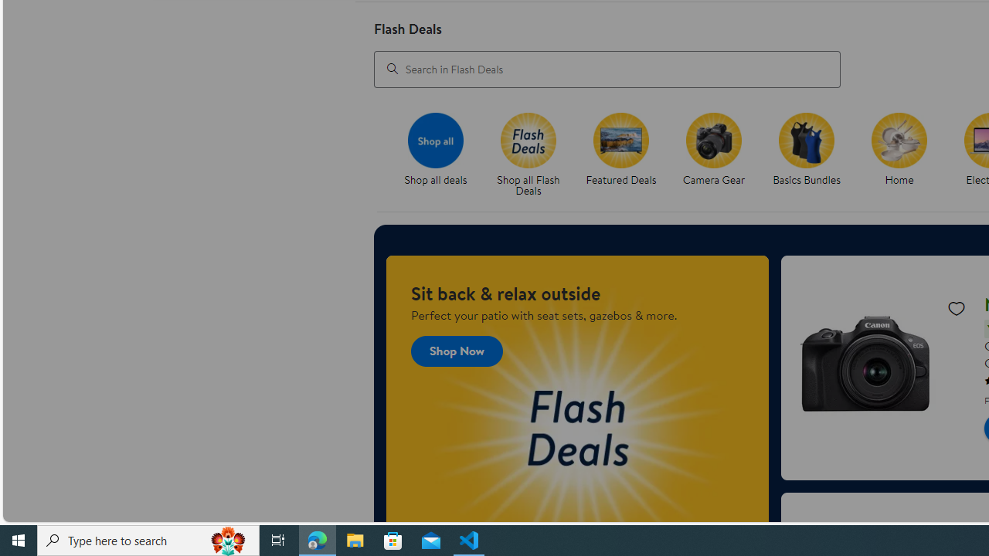  I want to click on 'Basics Bundles', so click(812, 155).